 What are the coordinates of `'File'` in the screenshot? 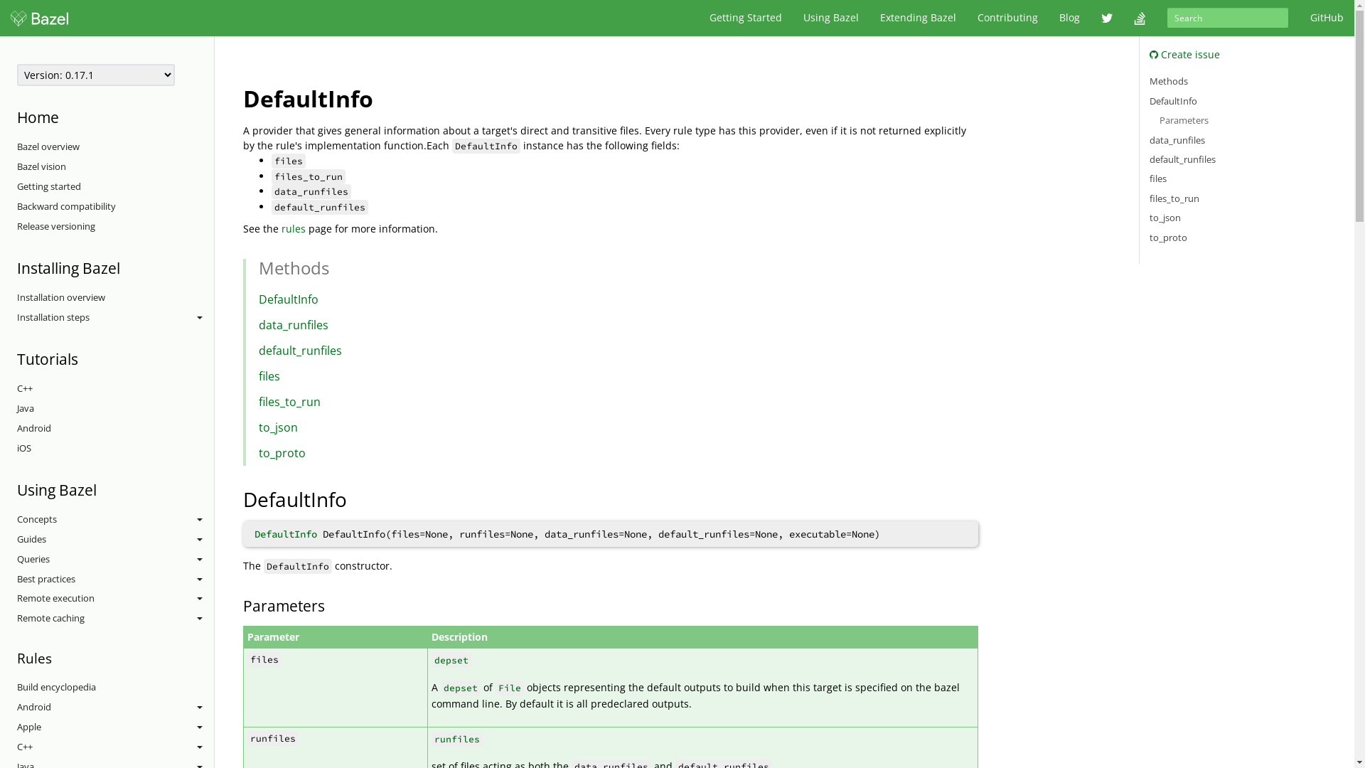 It's located at (509, 686).